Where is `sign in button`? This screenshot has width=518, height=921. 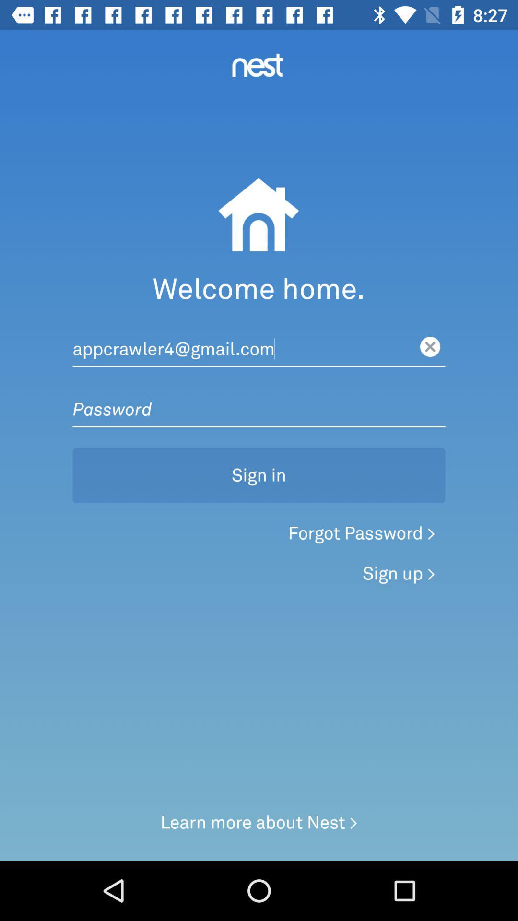 sign in button is located at coordinates (259, 475).